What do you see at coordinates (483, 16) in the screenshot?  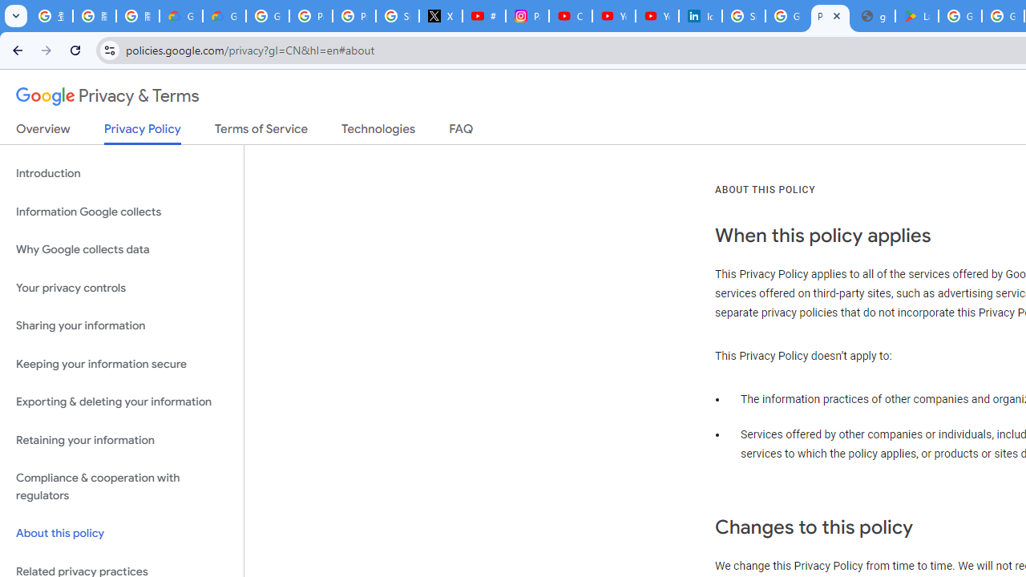 I see `'#nbabasketballhighlights - YouTube'` at bounding box center [483, 16].